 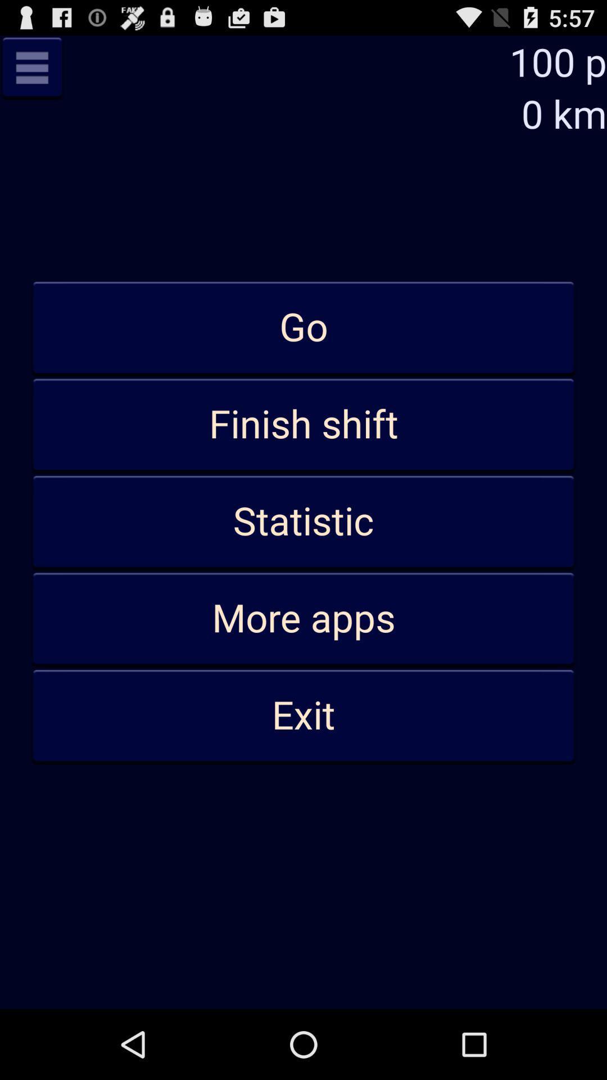 What do you see at coordinates (303, 425) in the screenshot?
I see `finish shift icon` at bounding box center [303, 425].